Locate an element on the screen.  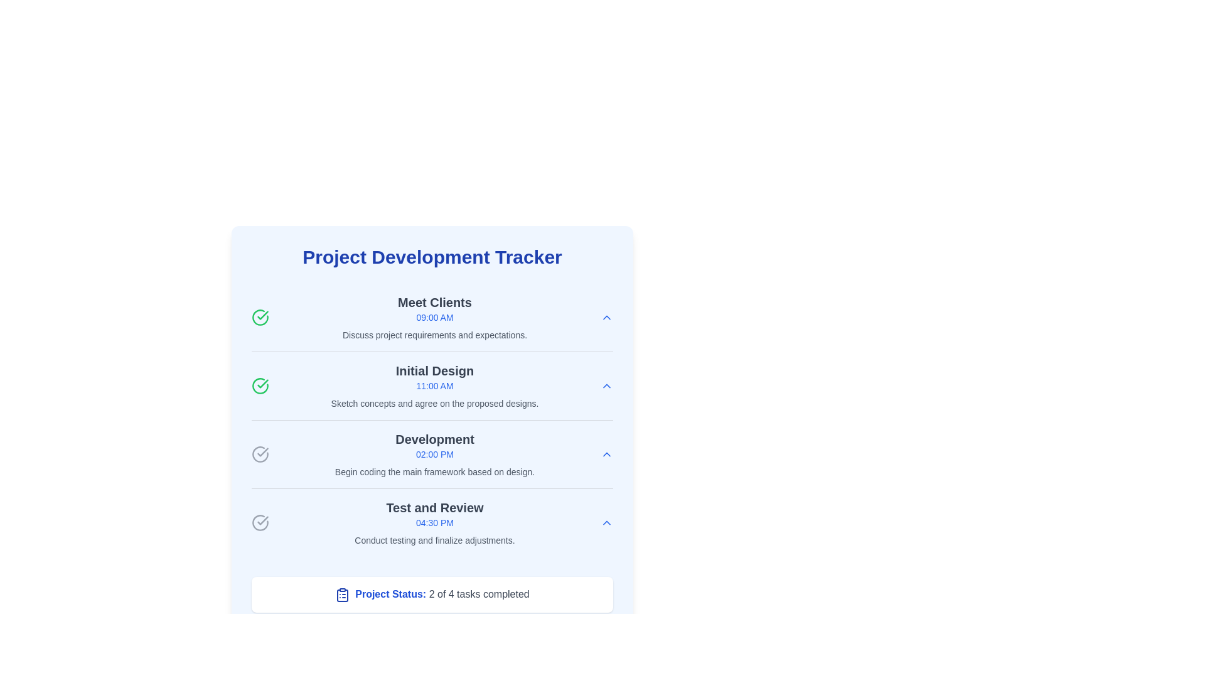
the collapse/expand button located to the right of the task item titled 'Test and Review', which is adjacent to the text '04:30 PM' is located at coordinates (606, 523).